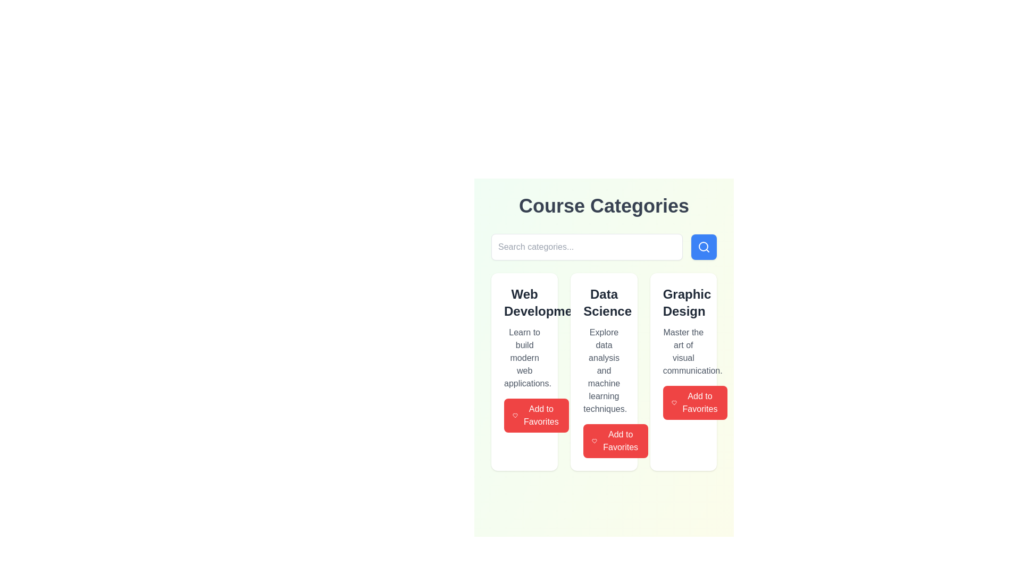  Describe the element at coordinates (594, 441) in the screenshot. I see `the heart-shaped SVG icon indicating 'favorite' functionality located inside the 'Add to Favorites' button in the 'Graphic Design' column` at that location.